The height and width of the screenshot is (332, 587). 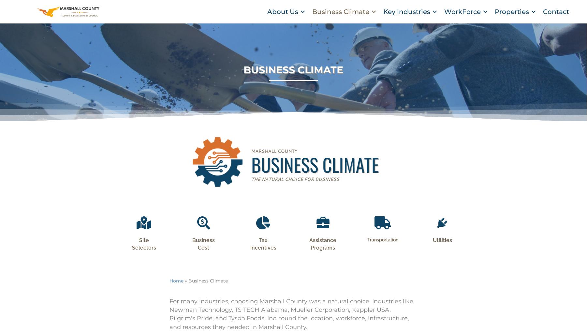 What do you see at coordinates (432, 248) in the screenshot?
I see `'Utilities'` at bounding box center [432, 248].